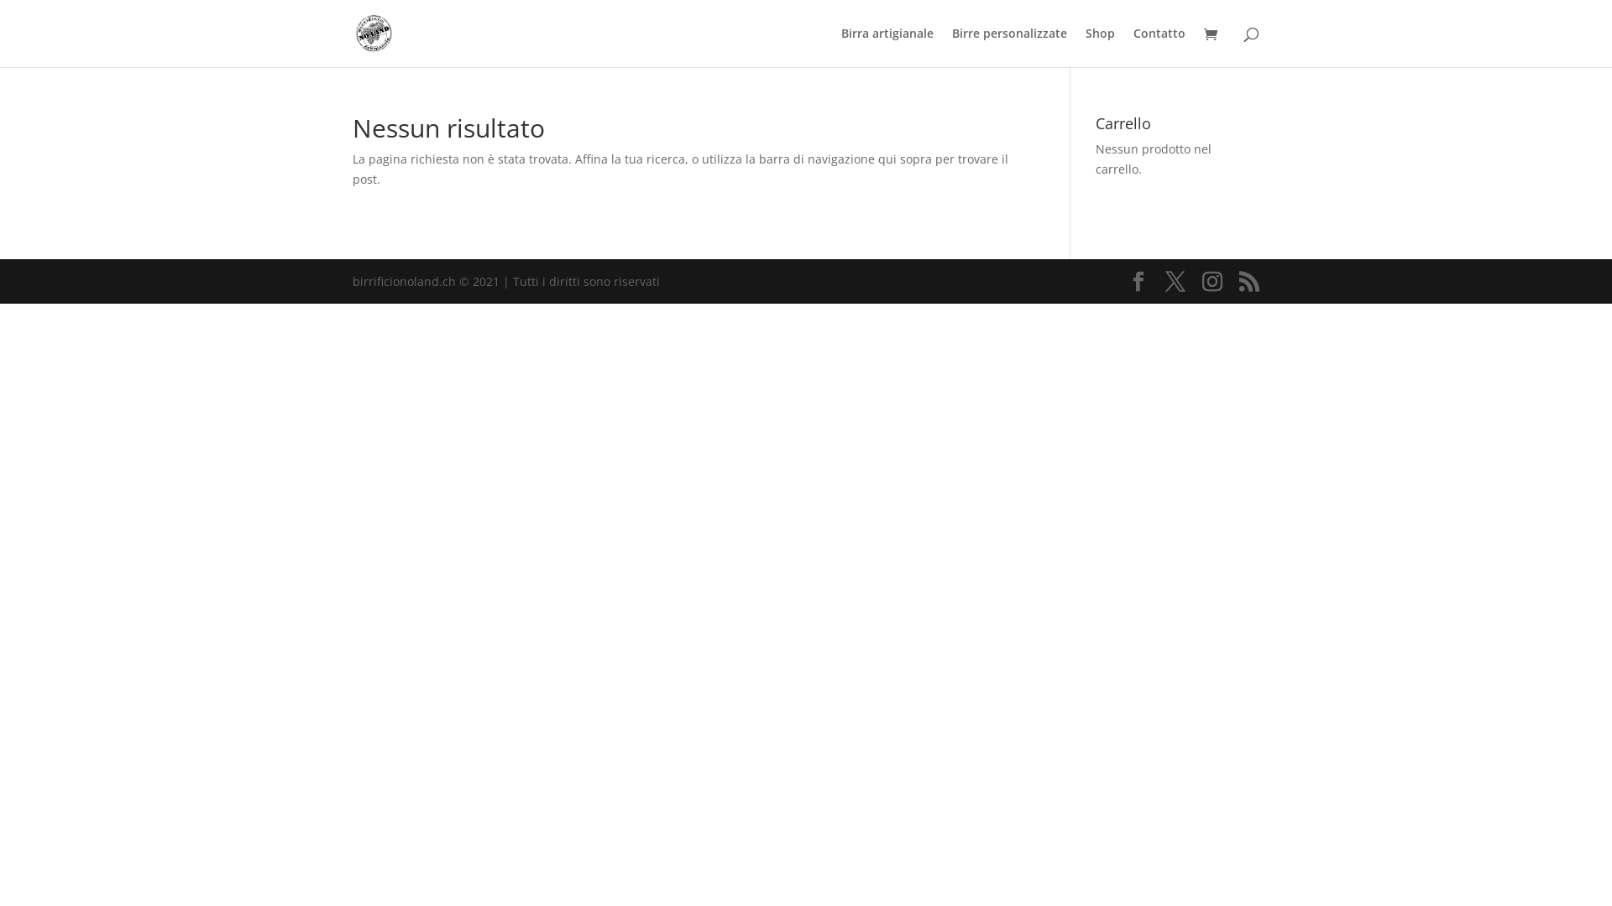  What do you see at coordinates (1100, 46) in the screenshot?
I see `'Shop'` at bounding box center [1100, 46].